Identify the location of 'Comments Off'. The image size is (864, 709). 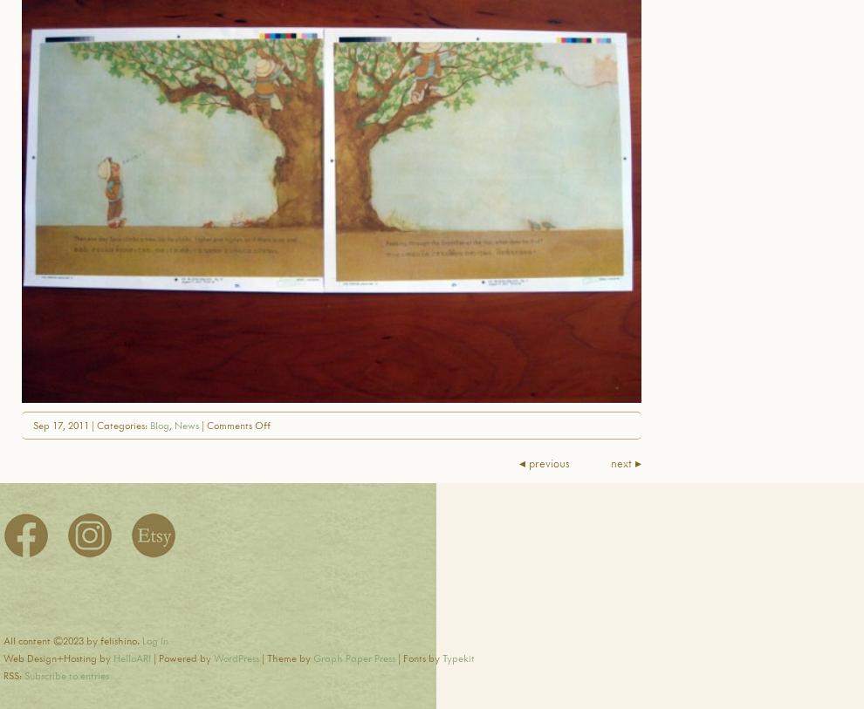
(238, 424).